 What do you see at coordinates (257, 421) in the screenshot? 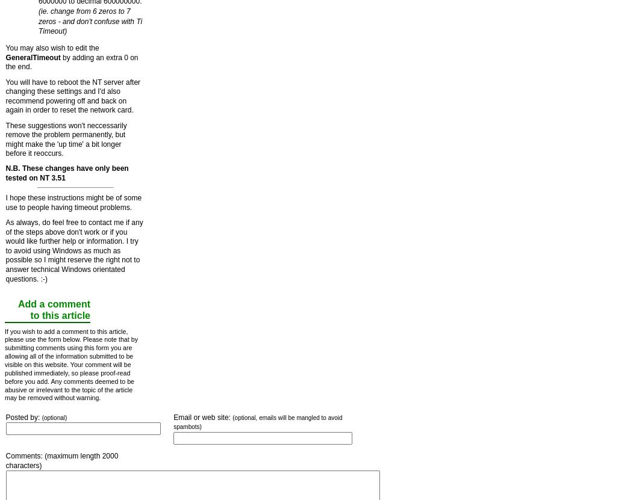
I see `'(optional, emails will be mangled to avoid spambots)'` at bounding box center [257, 421].